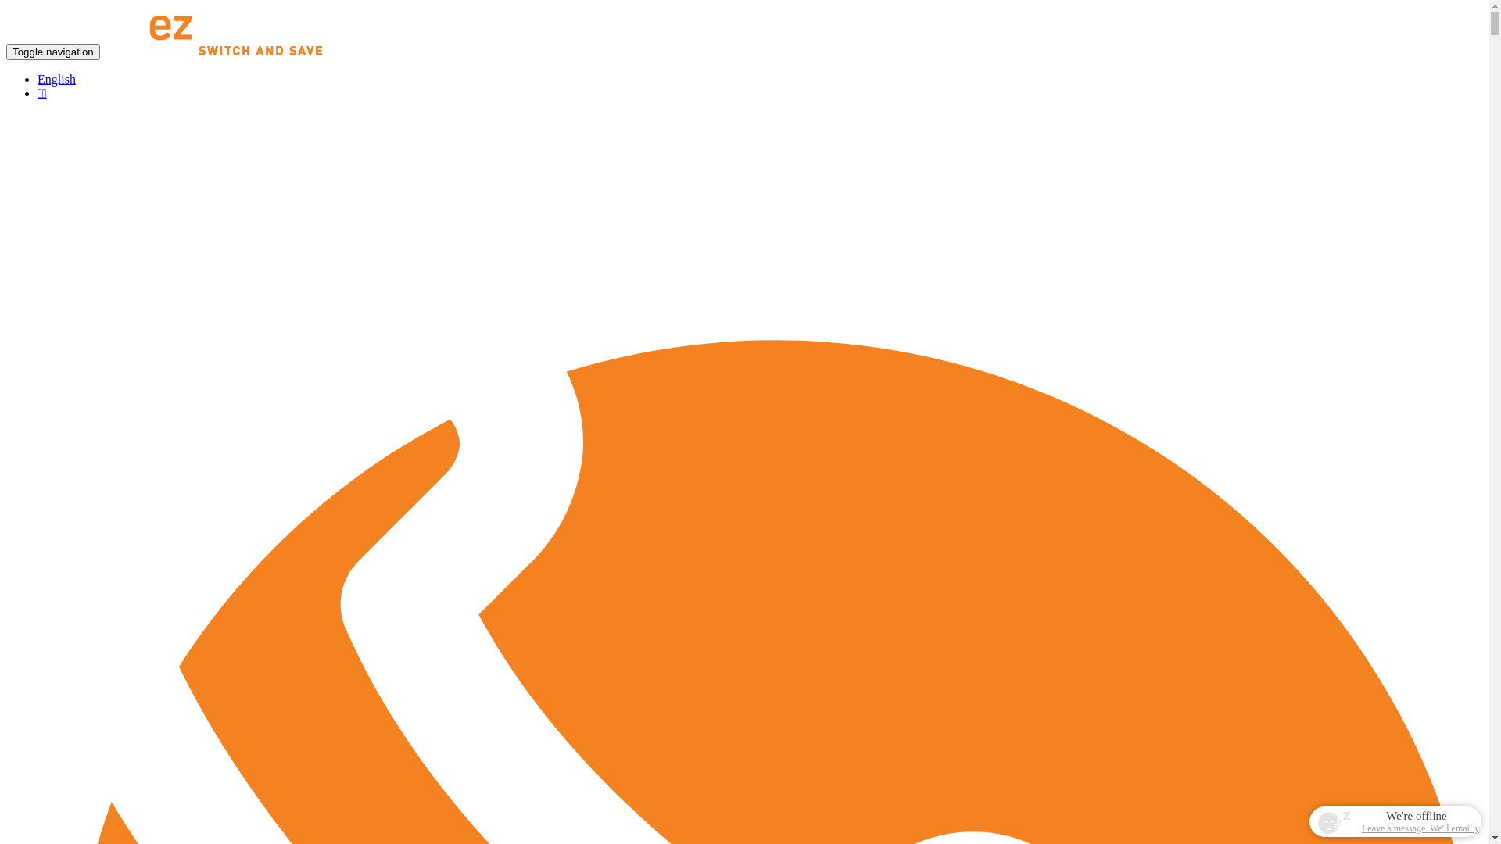  I want to click on 'English', so click(56, 79).